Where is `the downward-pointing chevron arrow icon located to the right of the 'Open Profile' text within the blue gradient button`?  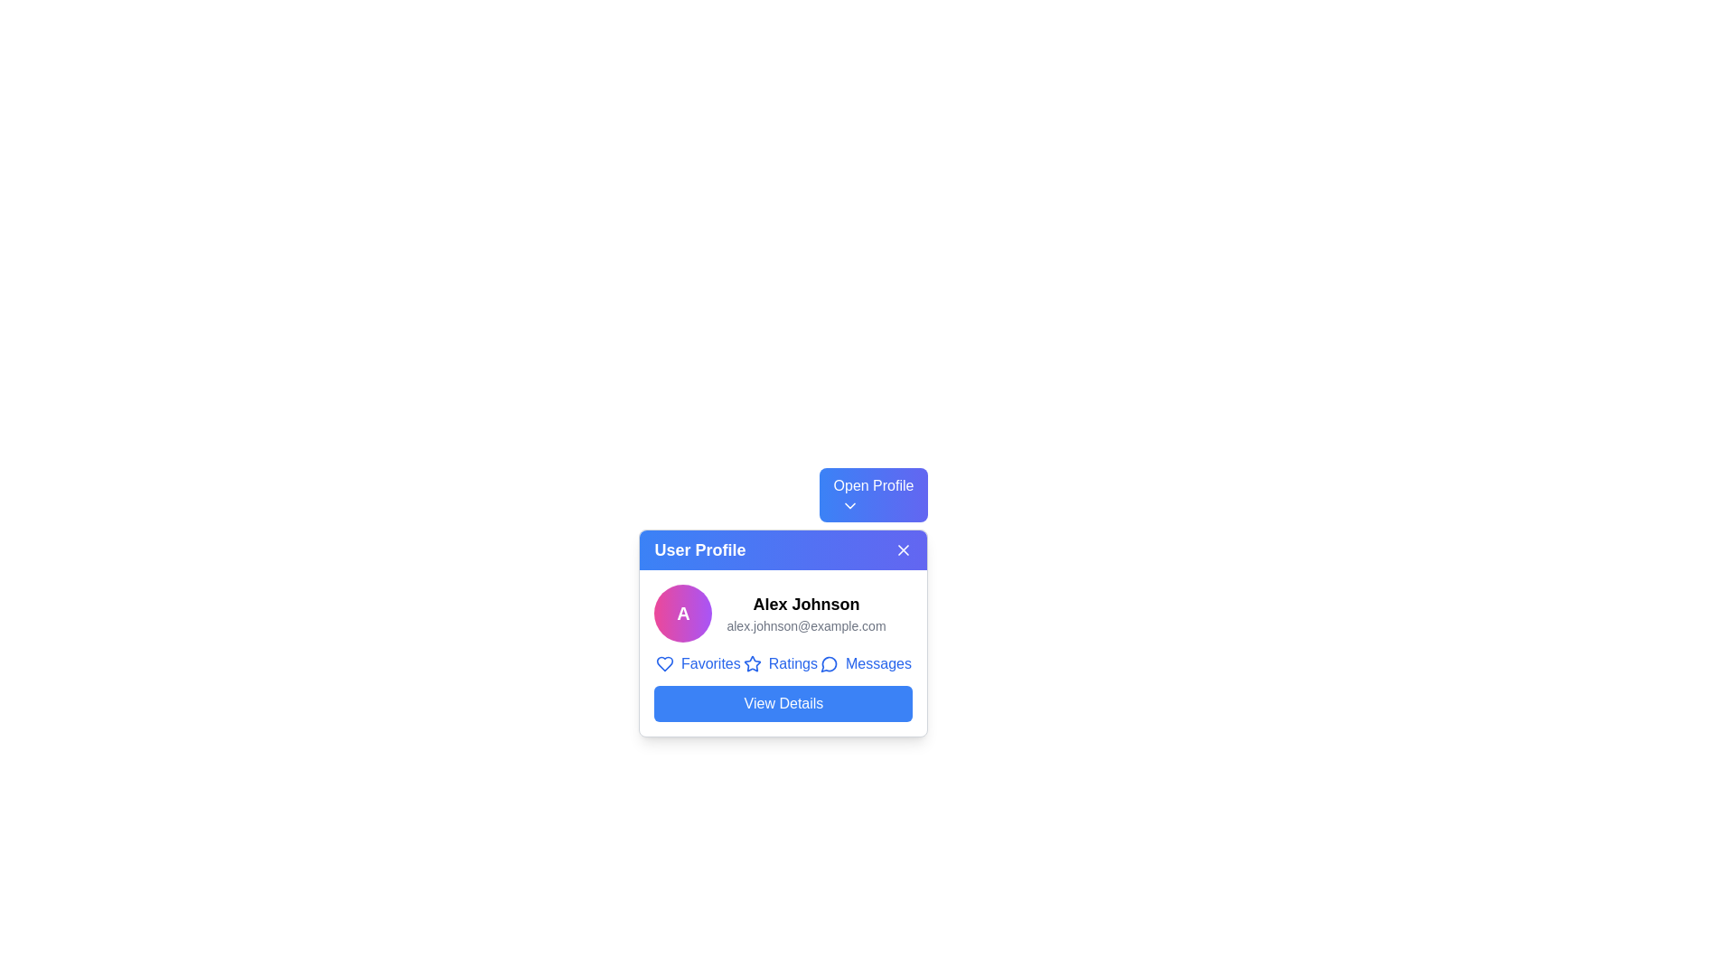
the downward-pointing chevron arrow icon located to the right of the 'Open Profile' text within the blue gradient button is located at coordinates (849, 505).